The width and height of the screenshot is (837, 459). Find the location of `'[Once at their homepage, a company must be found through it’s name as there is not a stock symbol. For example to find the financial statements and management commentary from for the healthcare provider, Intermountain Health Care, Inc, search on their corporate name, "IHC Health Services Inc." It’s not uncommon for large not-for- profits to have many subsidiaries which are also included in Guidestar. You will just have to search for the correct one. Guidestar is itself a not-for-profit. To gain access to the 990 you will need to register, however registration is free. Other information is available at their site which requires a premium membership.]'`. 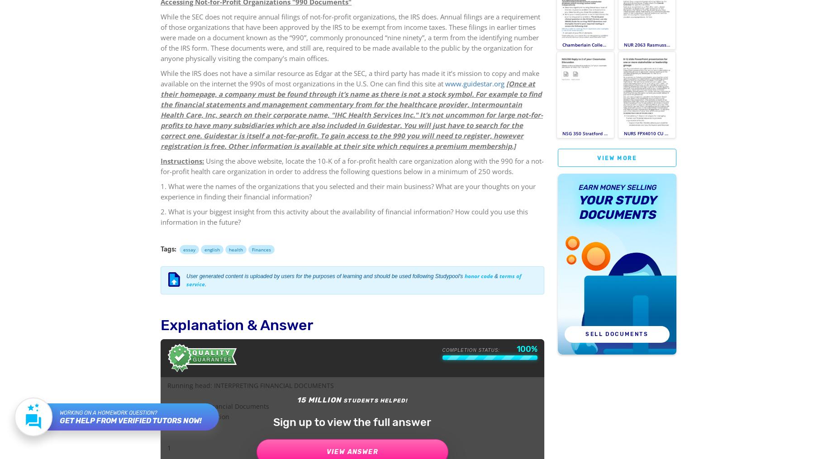

'[Once at their homepage, a company must be found through it’s name as there is not a stock symbol. For example to find the financial statements and management commentary from for the healthcare provider, Intermountain Health Care, Inc, search on their corporate name, "IHC Health Services Inc." It’s not uncommon for large not-for- profits to have many subsidiaries which are also included in Guidestar. You will just have to search for the correct one. Guidestar is itself a not-for-profit. To gain access to the 990 you will need to register, however registration is free. Other information is available at their site which requires a premium membership.]' is located at coordinates (352, 114).